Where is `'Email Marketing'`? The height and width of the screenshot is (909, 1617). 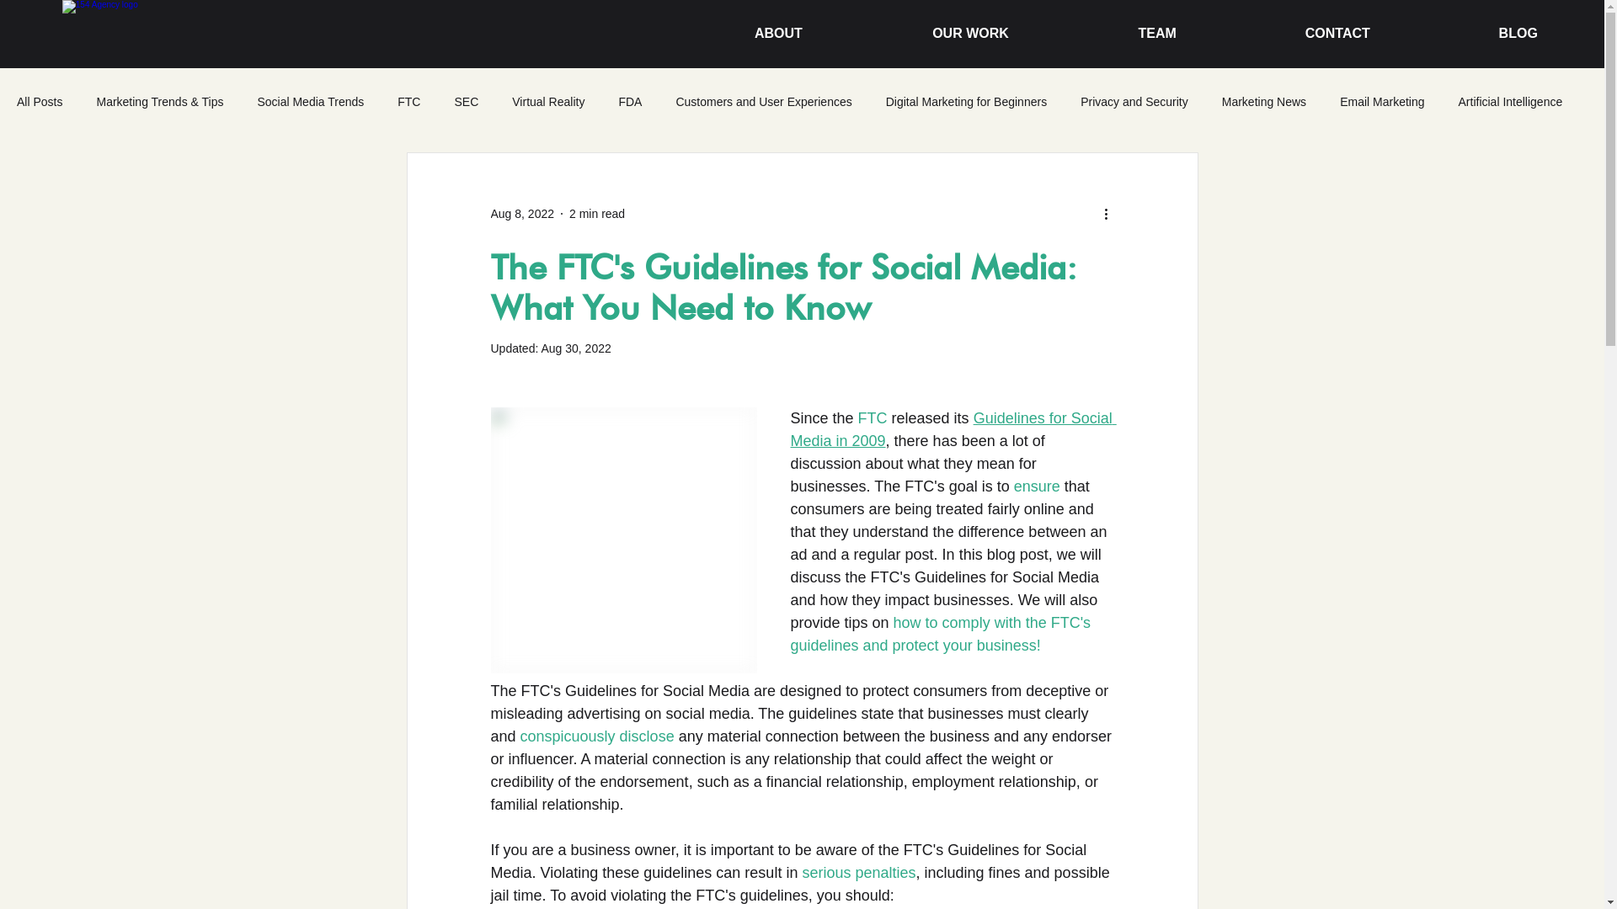
'Email Marketing' is located at coordinates (1382, 101).